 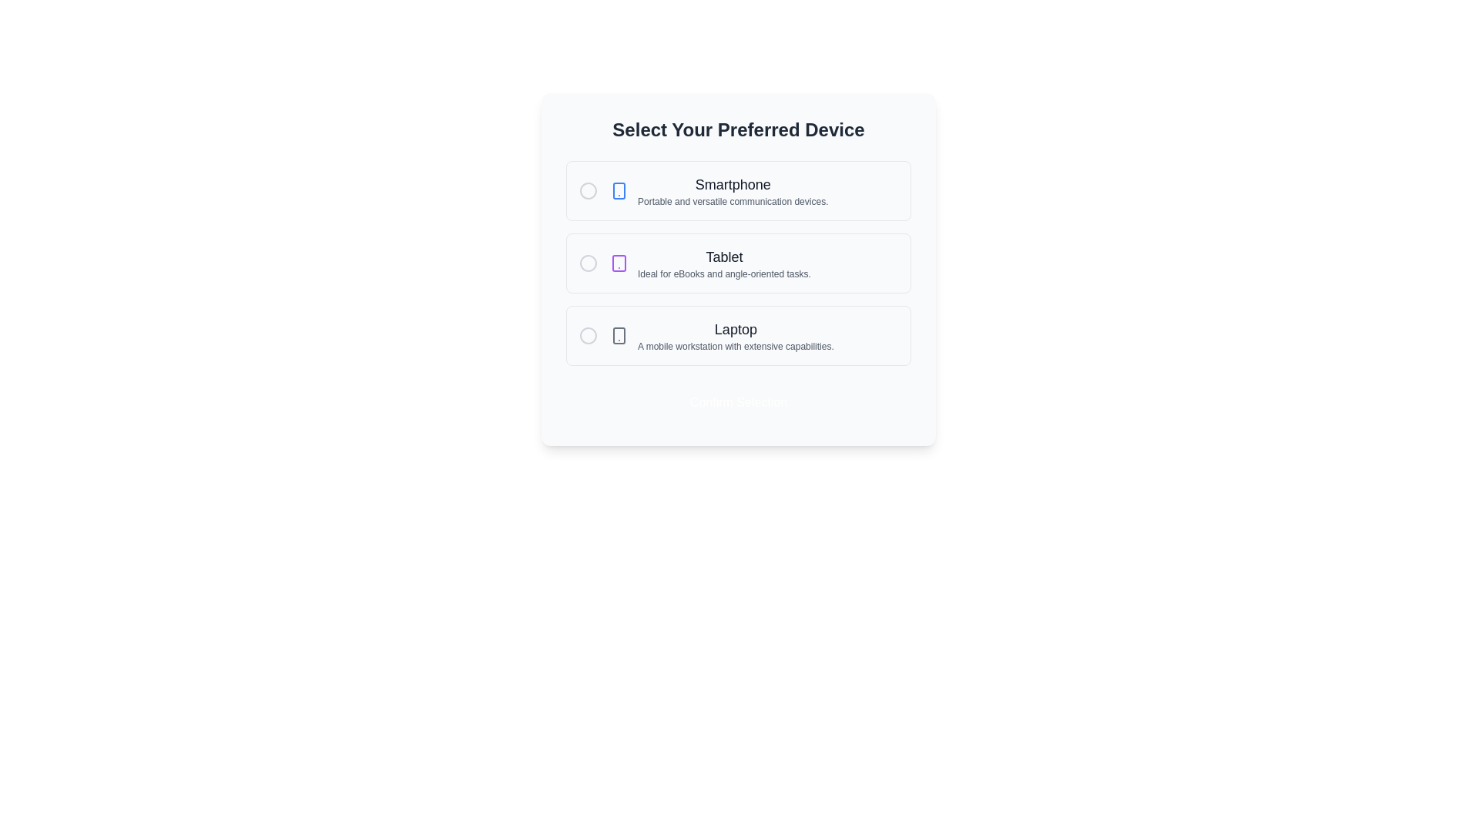 What do you see at coordinates (619, 263) in the screenshot?
I see `the purple tablet icon` at bounding box center [619, 263].